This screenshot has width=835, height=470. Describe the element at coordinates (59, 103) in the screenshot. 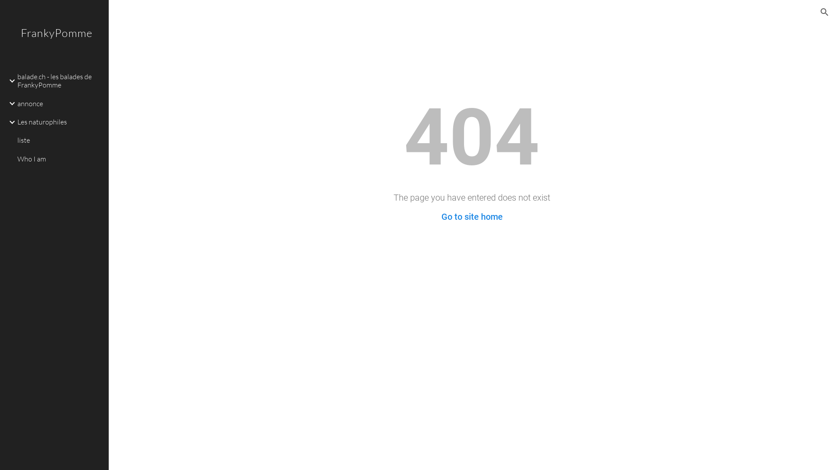

I see `'annonce'` at that location.